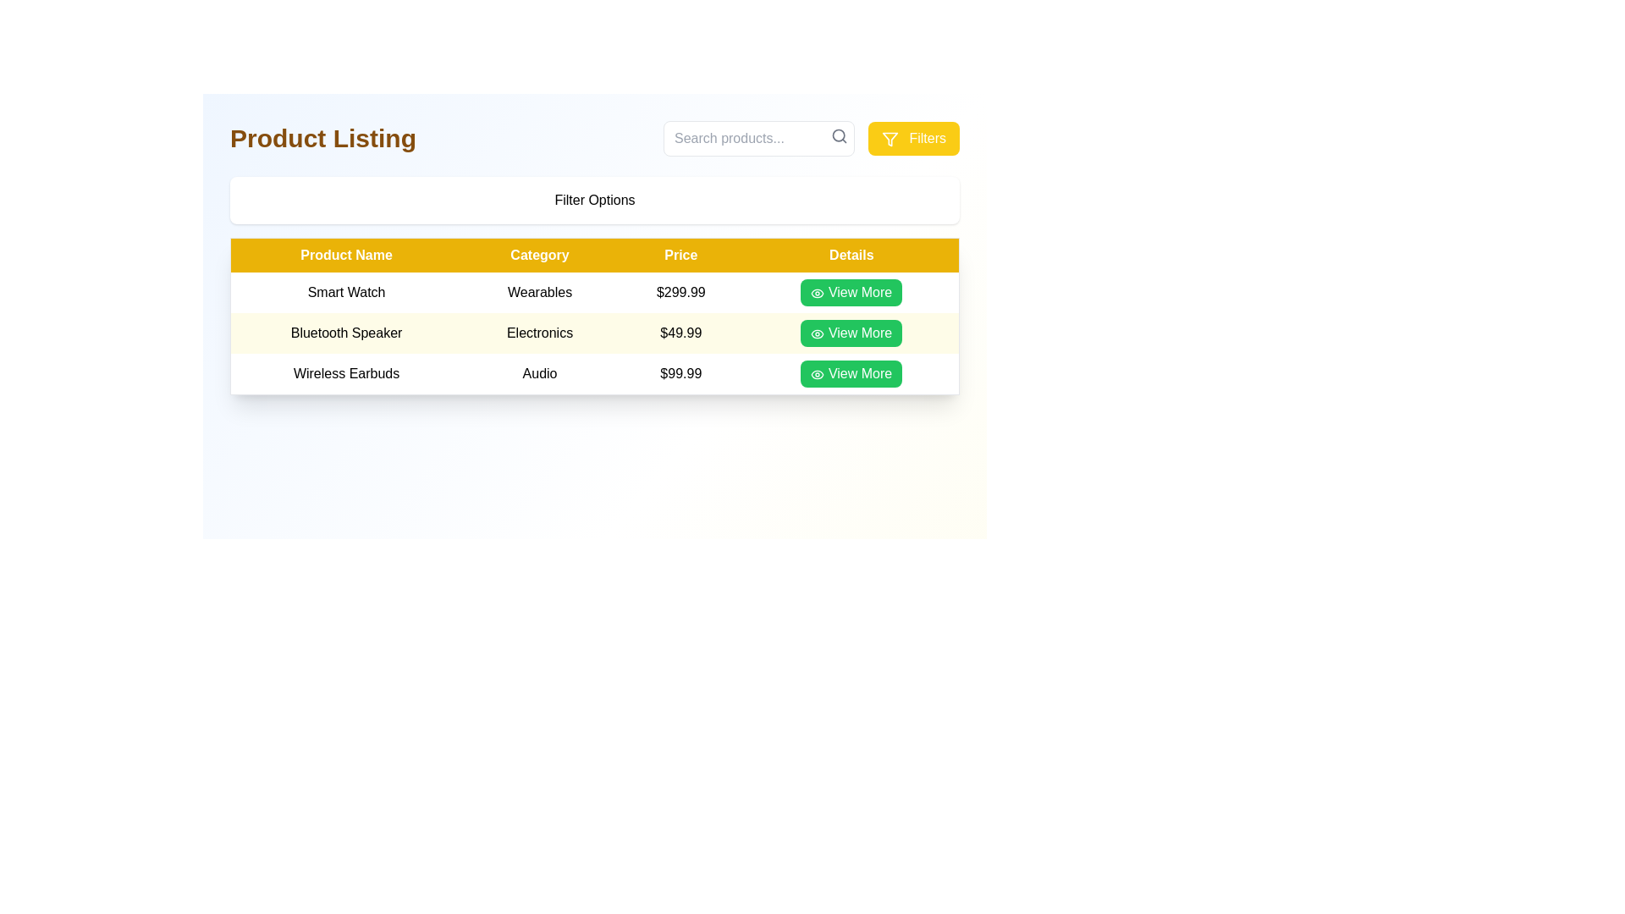  I want to click on the icon within the first 'View More' button in the table for the 'Smart Watch' product in the 'Details' column, so click(818, 292).